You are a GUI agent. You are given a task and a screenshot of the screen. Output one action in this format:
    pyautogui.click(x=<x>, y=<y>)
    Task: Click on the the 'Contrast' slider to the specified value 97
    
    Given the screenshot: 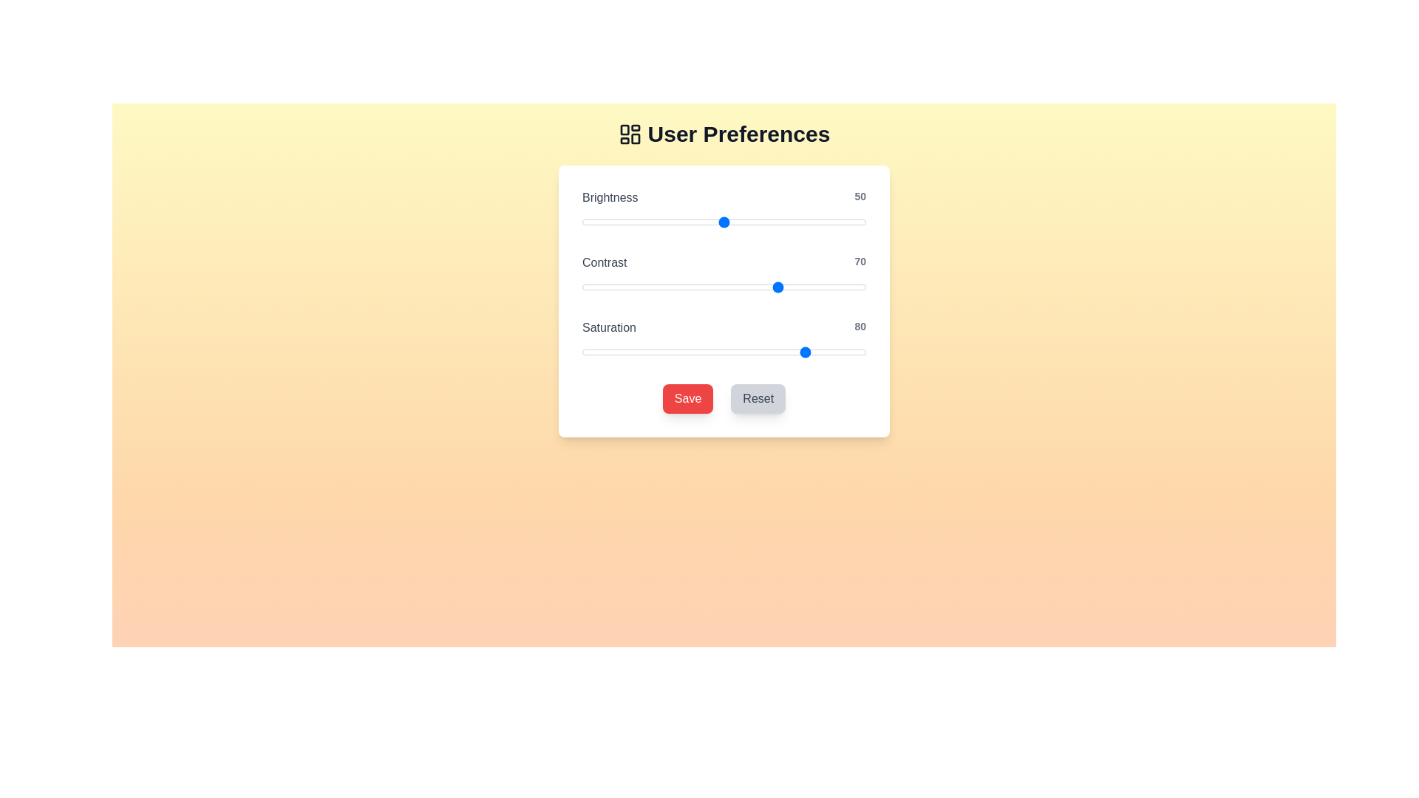 What is the action you would take?
    pyautogui.click(x=857, y=287)
    